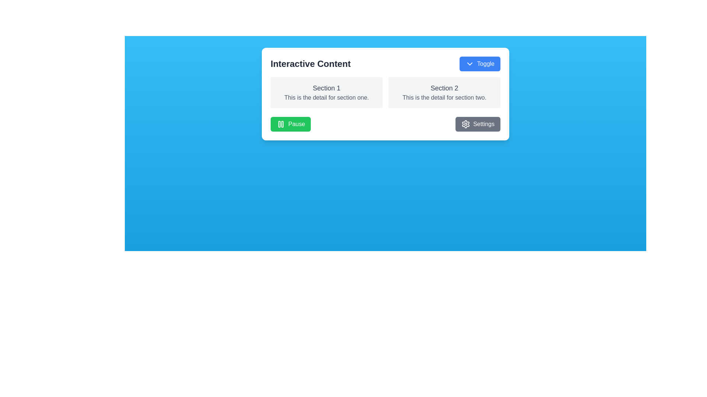  What do you see at coordinates (279, 124) in the screenshot?
I see `the left vertical bar of the pause icon within the green 'Pause' button located at the bottom left of the card` at bounding box center [279, 124].